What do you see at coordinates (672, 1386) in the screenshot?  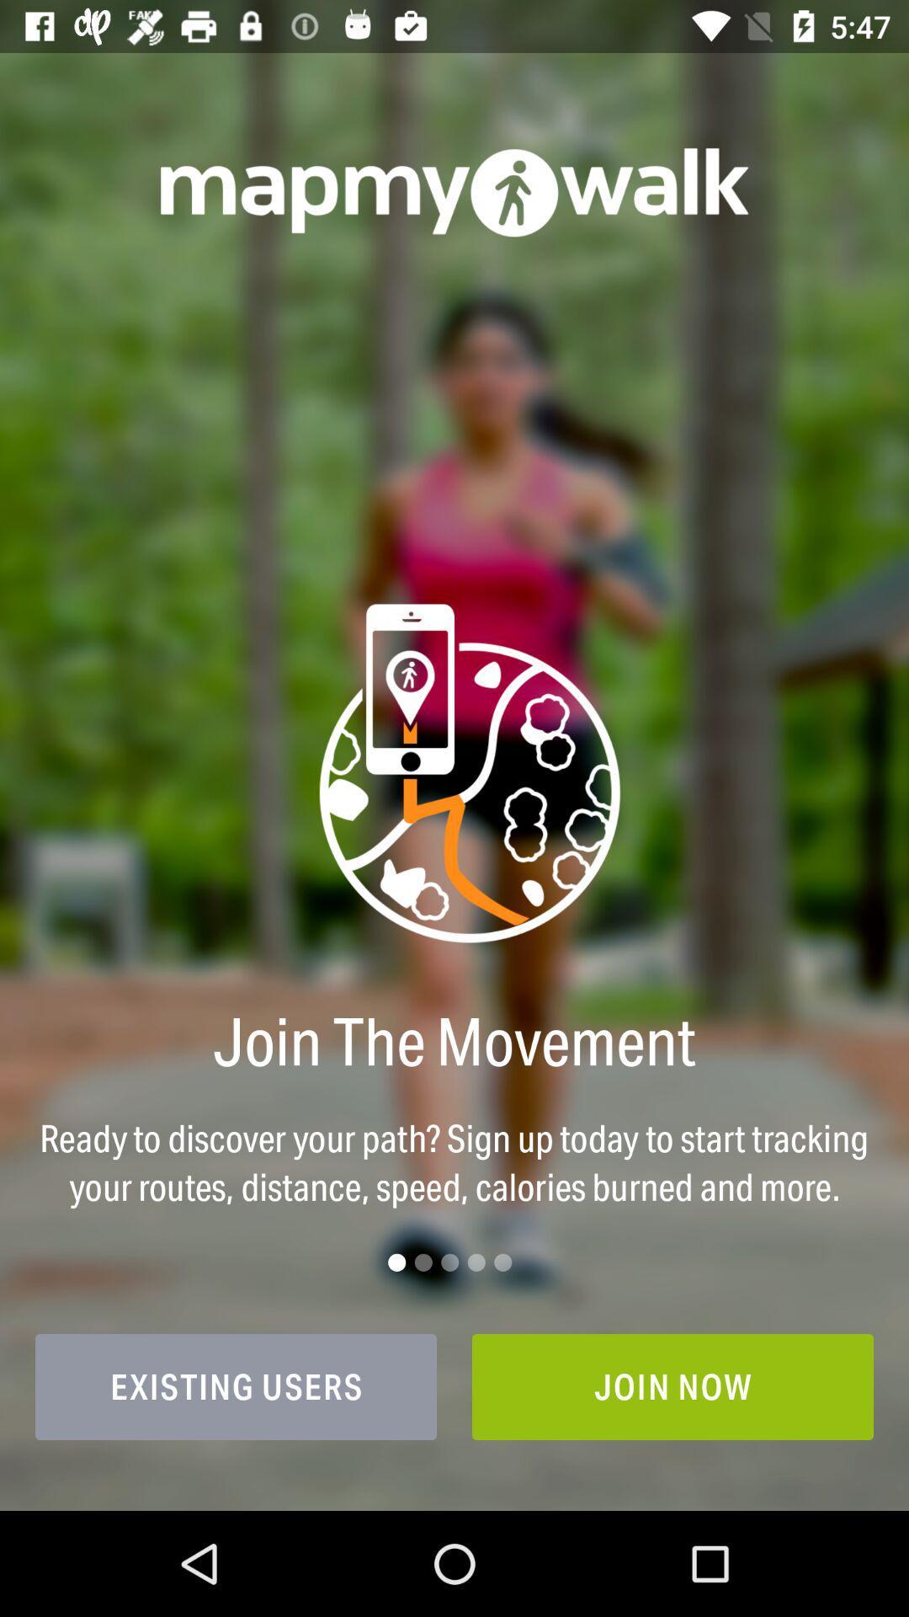 I see `icon to the right of existing users` at bounding box center [672, 1386].